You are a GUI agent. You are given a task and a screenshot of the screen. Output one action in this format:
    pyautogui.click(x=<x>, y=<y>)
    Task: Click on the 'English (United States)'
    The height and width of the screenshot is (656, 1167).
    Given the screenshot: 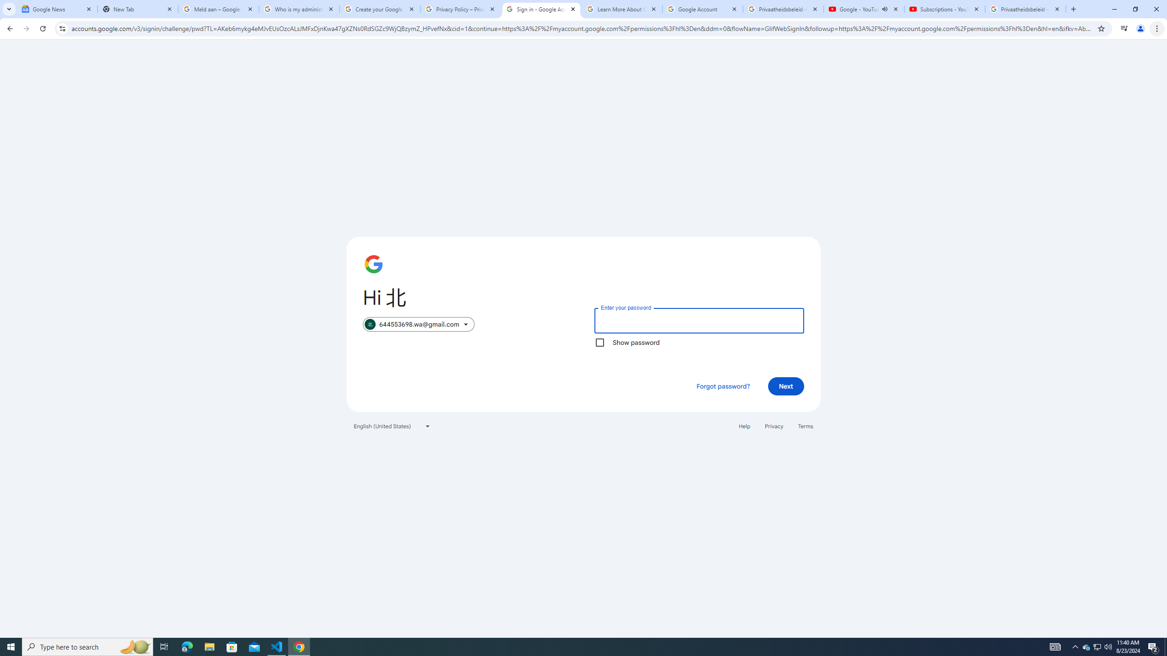 What is the action you would take?
    pyautogui.click(x=392, y=425)
    